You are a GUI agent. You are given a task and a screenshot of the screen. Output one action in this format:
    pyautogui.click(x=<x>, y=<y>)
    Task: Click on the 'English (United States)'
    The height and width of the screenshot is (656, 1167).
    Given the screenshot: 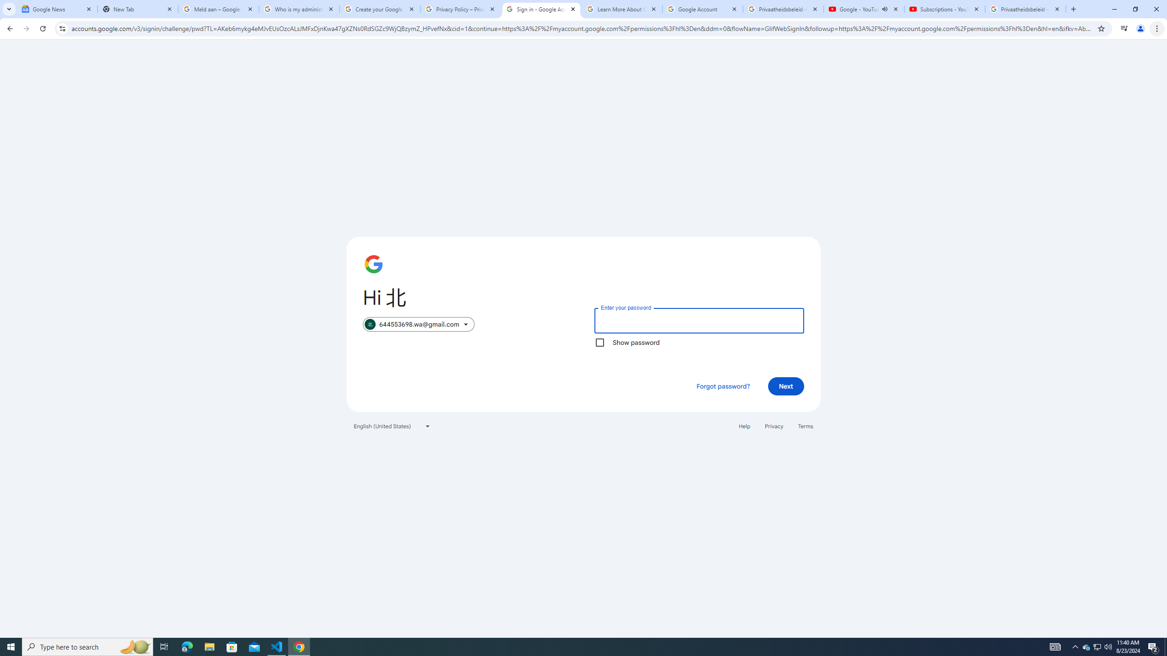 What is the action you would take?
    pyautogui.click(x=392, y=425)
    